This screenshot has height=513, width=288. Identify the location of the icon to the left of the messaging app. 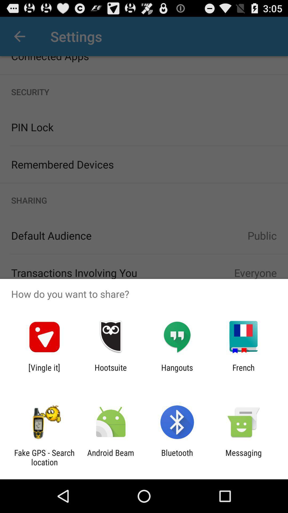
(177, 457).